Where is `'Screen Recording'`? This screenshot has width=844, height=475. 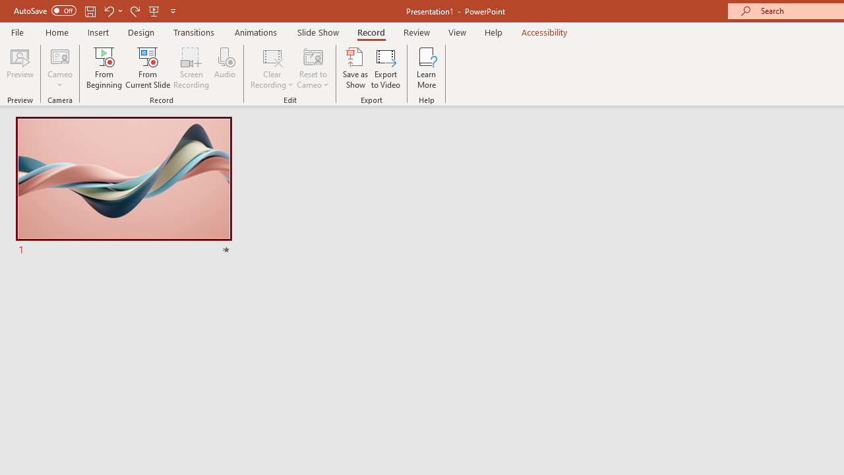 'Screen Recording' is located at coordinates (191, 68).